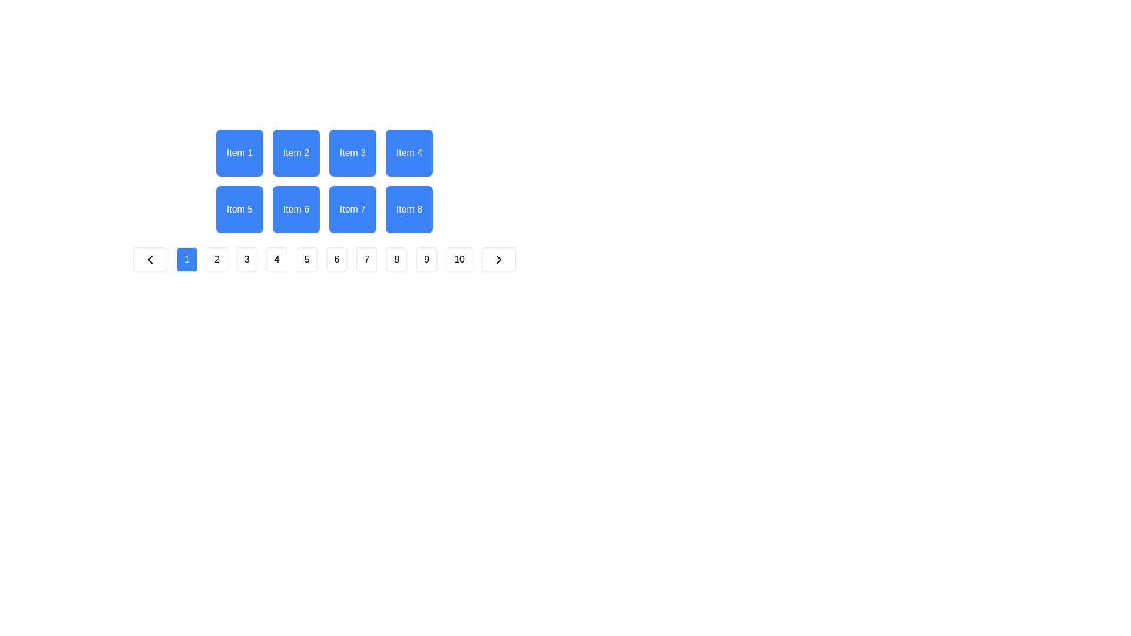 The height and width of the screenshot is (636, 1131). Describe the element at coordinates (336, 259) in the screenshot. I see `the pagination button displaying the number '6'` at that location.